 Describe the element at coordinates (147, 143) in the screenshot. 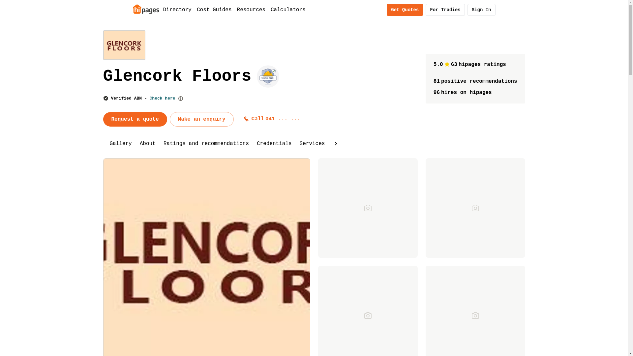

I see `'About'` at that location.